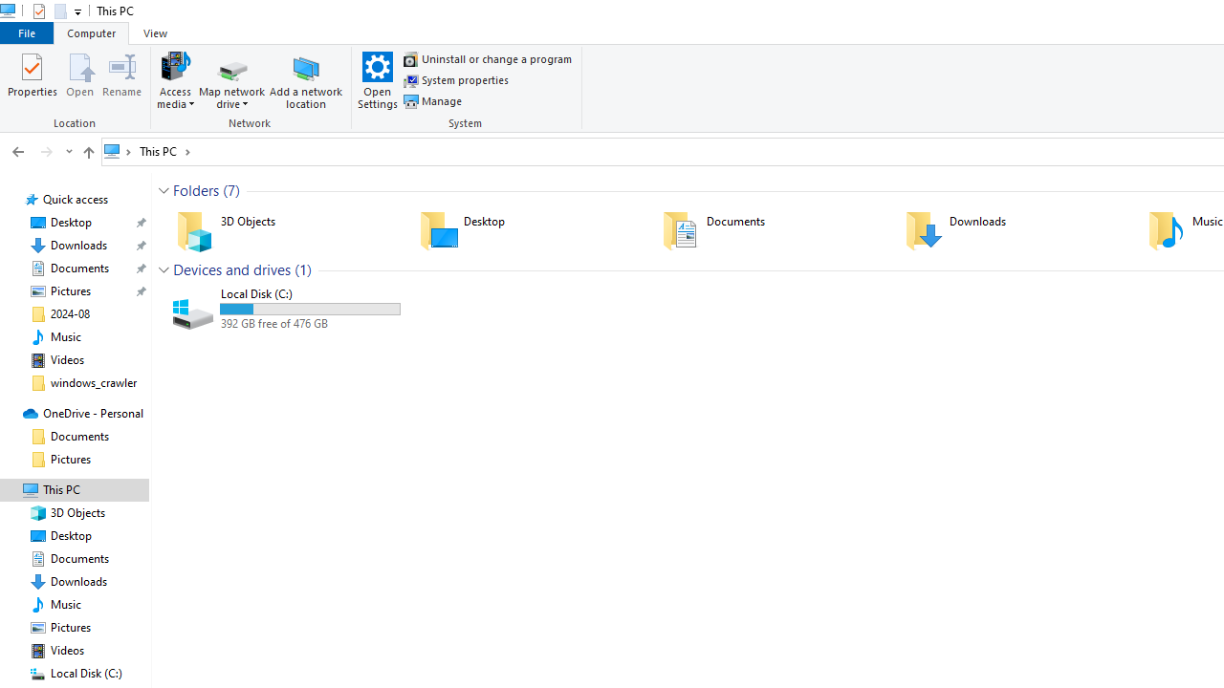 The width and height of the screenshot is (1224, 688). I want to click on 'Up to "Desktop" (Alt + Up Arrow)', so click(87, 152).